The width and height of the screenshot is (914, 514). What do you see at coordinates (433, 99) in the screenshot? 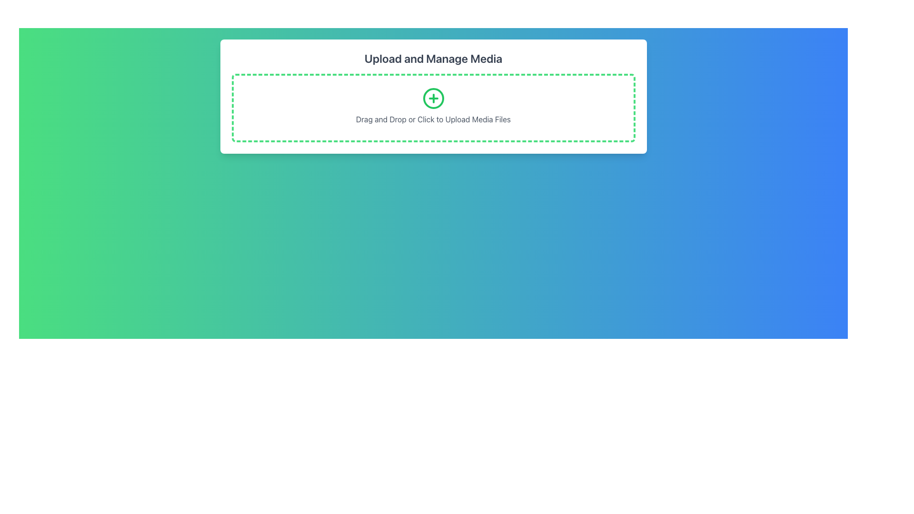
I see `the Add/Upload icon located in the center of the interface above the text 'Drag and Drop or Click to Upload Media Files' to initiate the upload process` at bounding box center [433, 99].